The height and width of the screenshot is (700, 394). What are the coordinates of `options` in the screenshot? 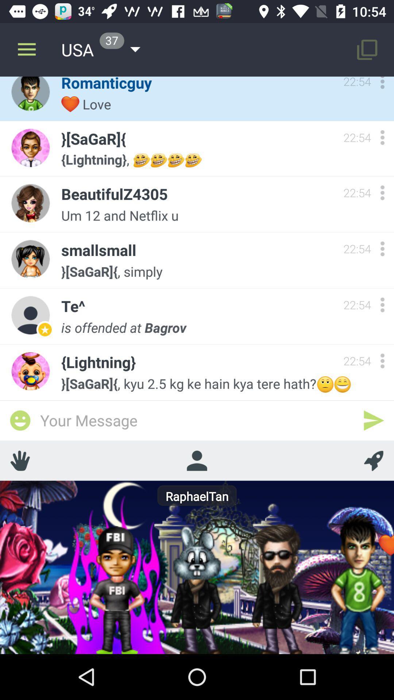 It's located at (382, 85).